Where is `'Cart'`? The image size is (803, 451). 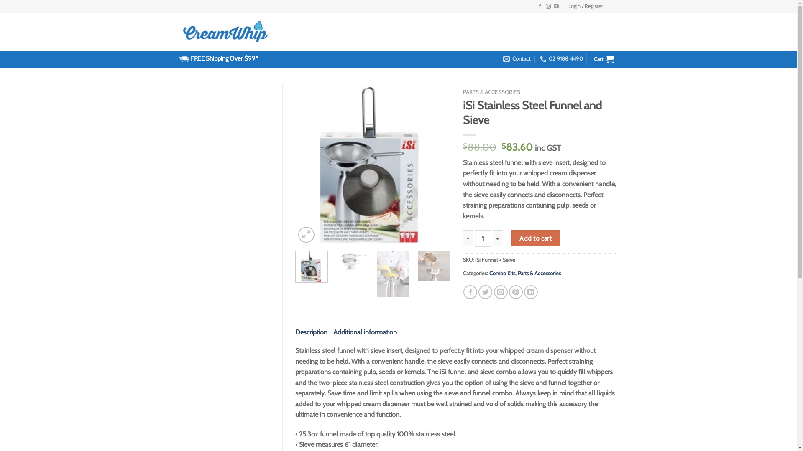
'Cart' is located at coordinates (589, 58).